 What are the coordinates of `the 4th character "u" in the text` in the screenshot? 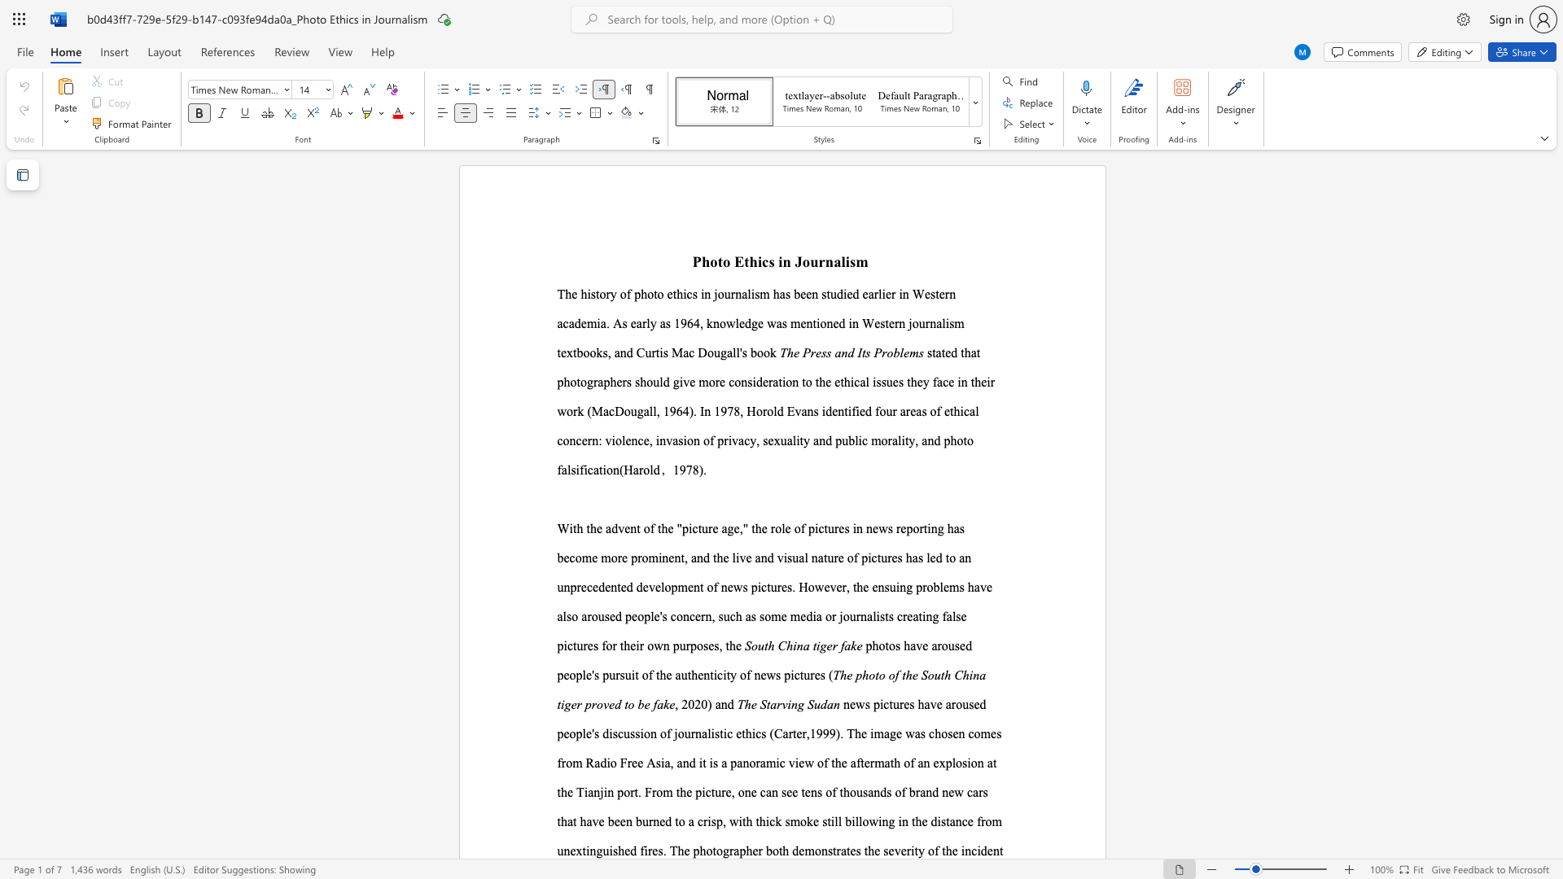 It's located at (647, 352).